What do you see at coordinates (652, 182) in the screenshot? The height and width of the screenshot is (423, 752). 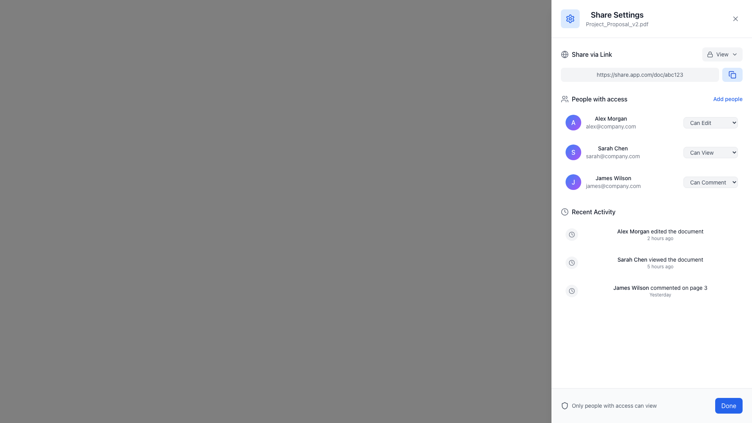 I see `the user information entry for 'James Wilson'` at bounding box center [652, 182].